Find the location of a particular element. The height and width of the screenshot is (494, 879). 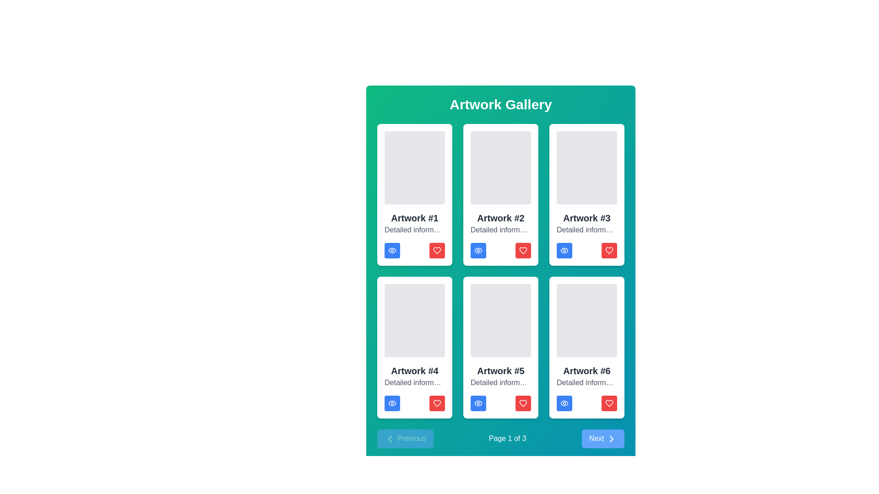

the interactive button with a blue background and an eye icon located on the 'Artwork #6' card in the third column of the second row is located at coordinates (564, 403).